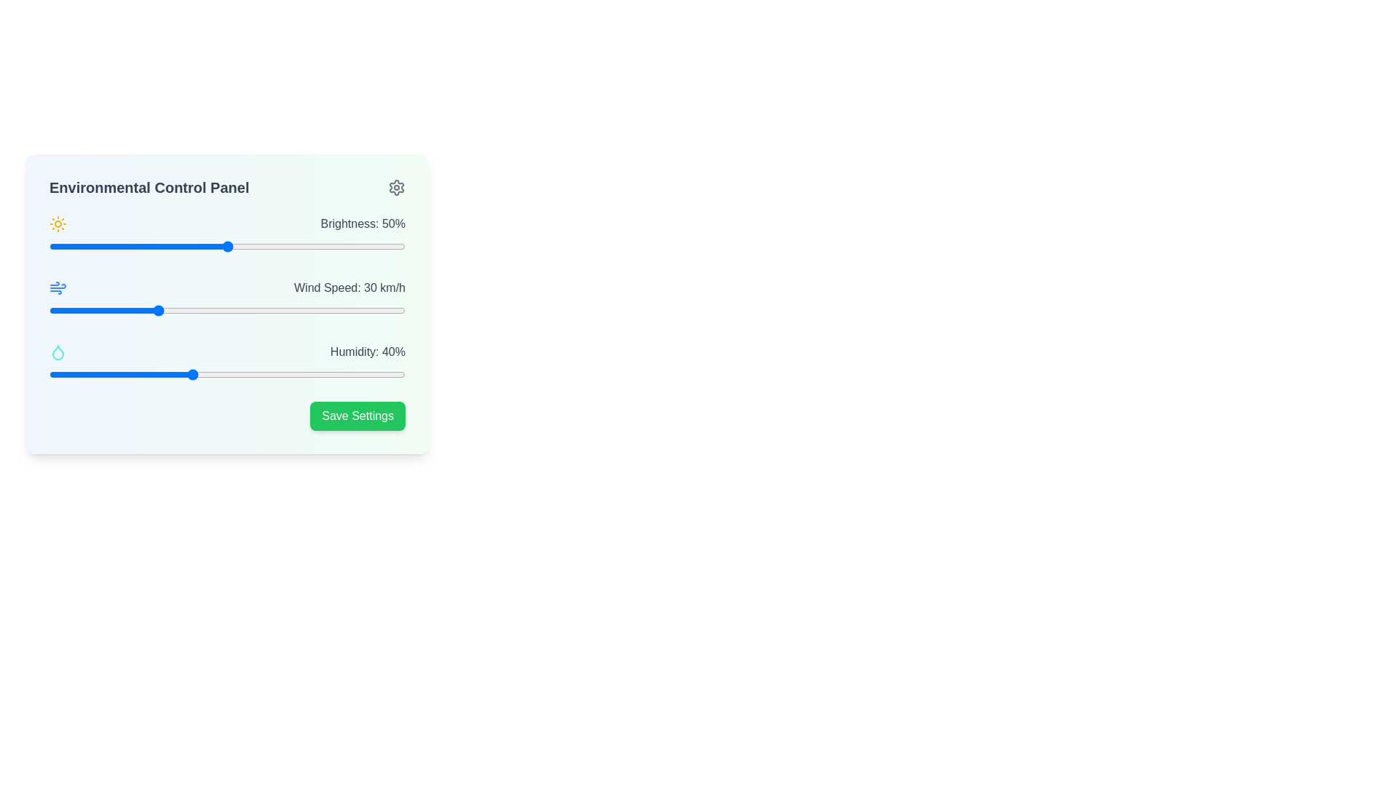  Describe the element at coordinates (226, 374) in the screenshot. I see `the track of the horizontal slider for humidity adjustment located below the label 'Humidity: 40%' to move the knob` at that location.